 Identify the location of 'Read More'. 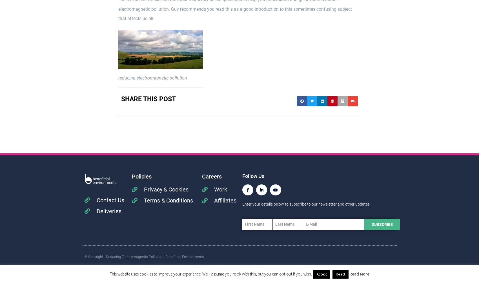
(359, 274).